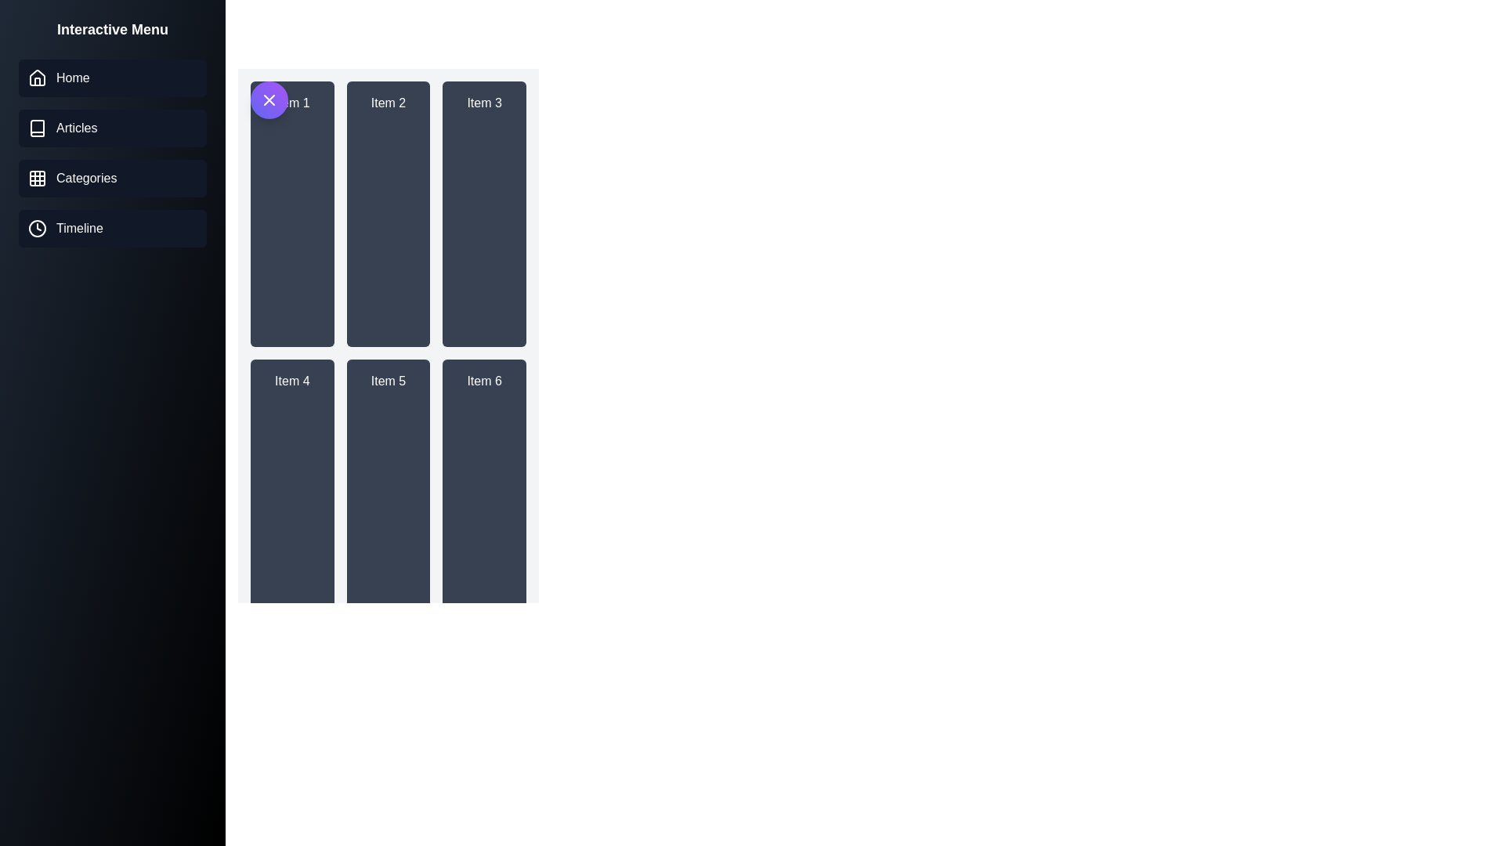 The height and width of the screenshot is (846, 1504). I want to click on the Home menu item in the menu, so click(112, 78).